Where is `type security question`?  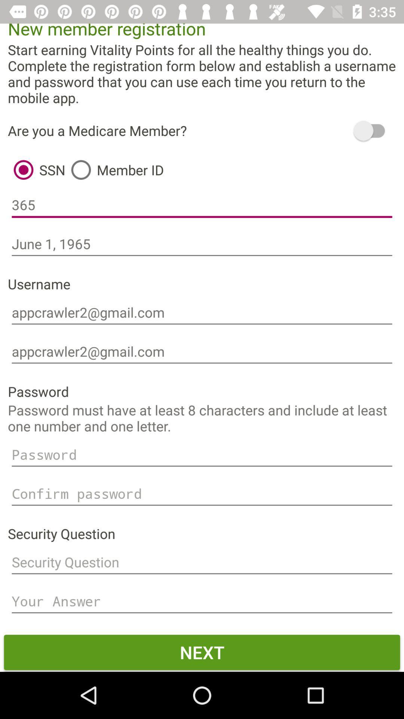
type security question is located at coordinates (202, 562).